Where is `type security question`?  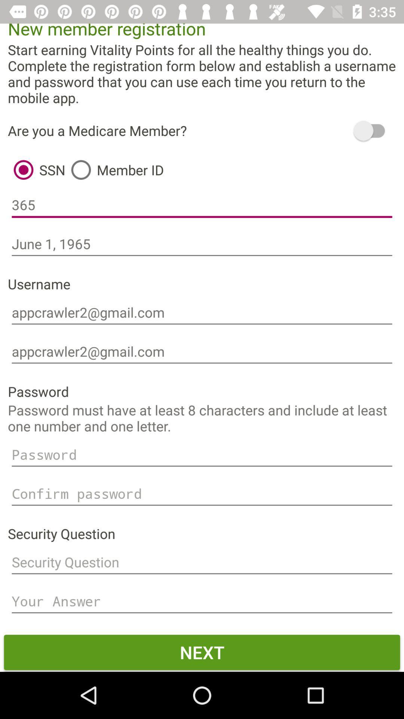
type security question is located at coordinates (202, 562).